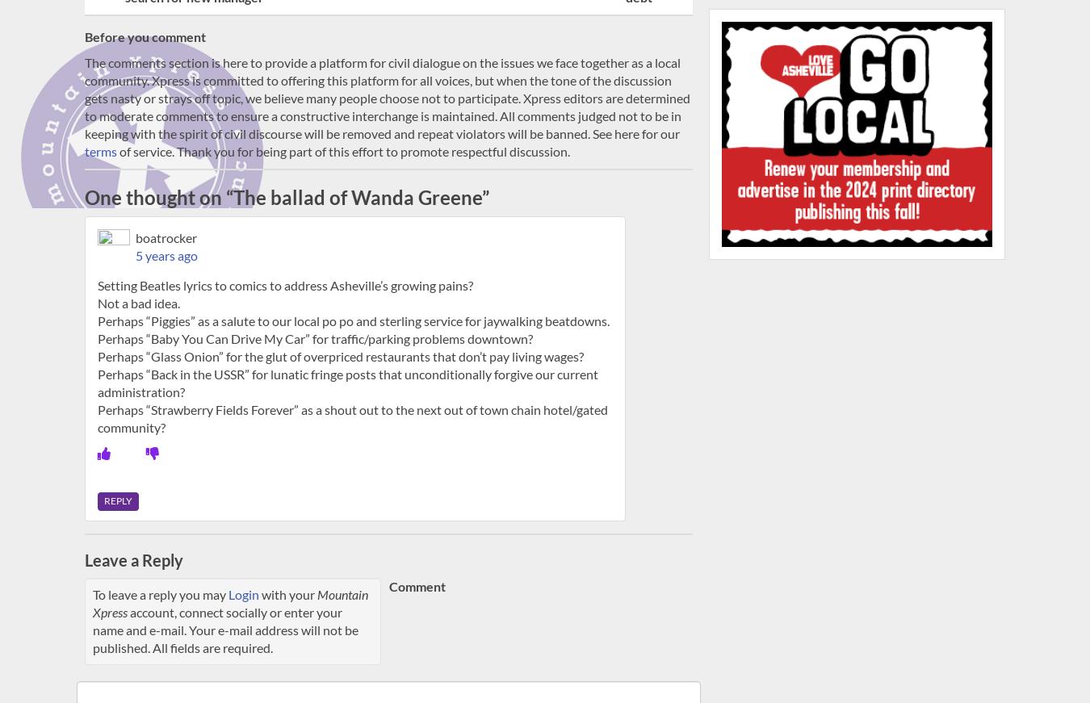  Describe the element at coordinates (348, 383) in the screenshot. I see `'Perhaps “Back in the USSR” for lunatic fringe posts that unconditionally forgive our current administration?'` at that location.